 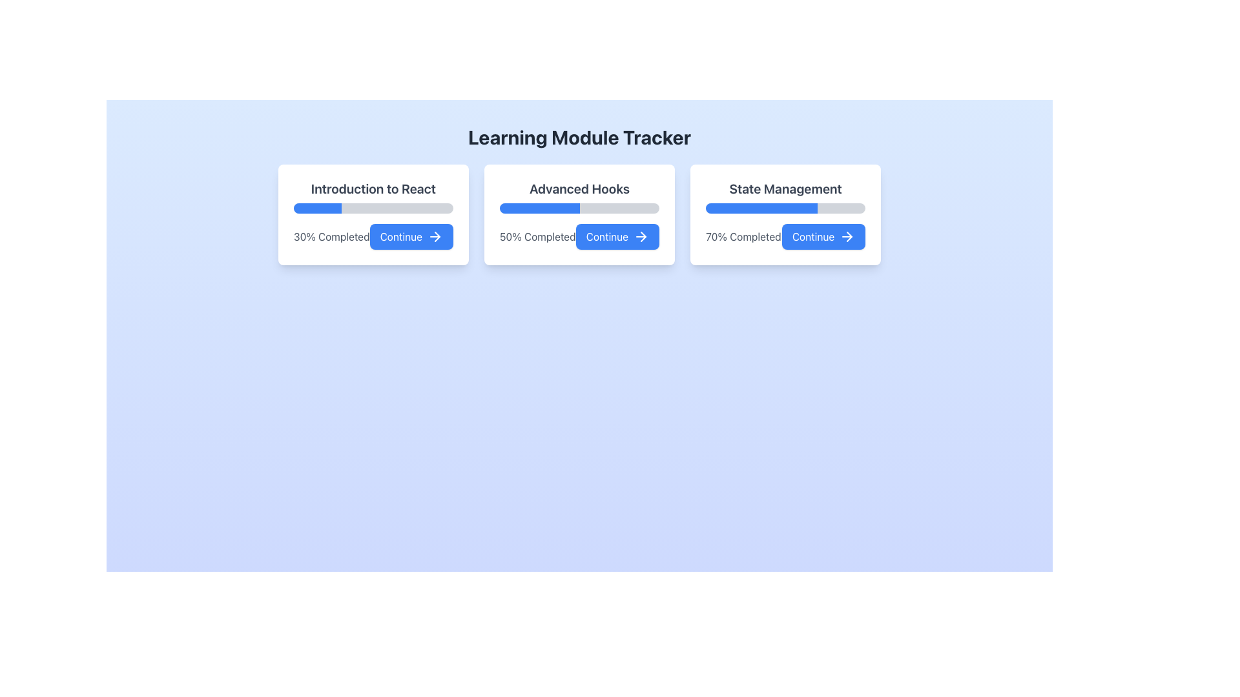 What do you see at coordinates (317, 208) in the screenshot?
I see `the filled portion of the progress bar indicating 30% progress located at the top of the card labeled 'Introduction to React'` at bounding box center [317, 208].